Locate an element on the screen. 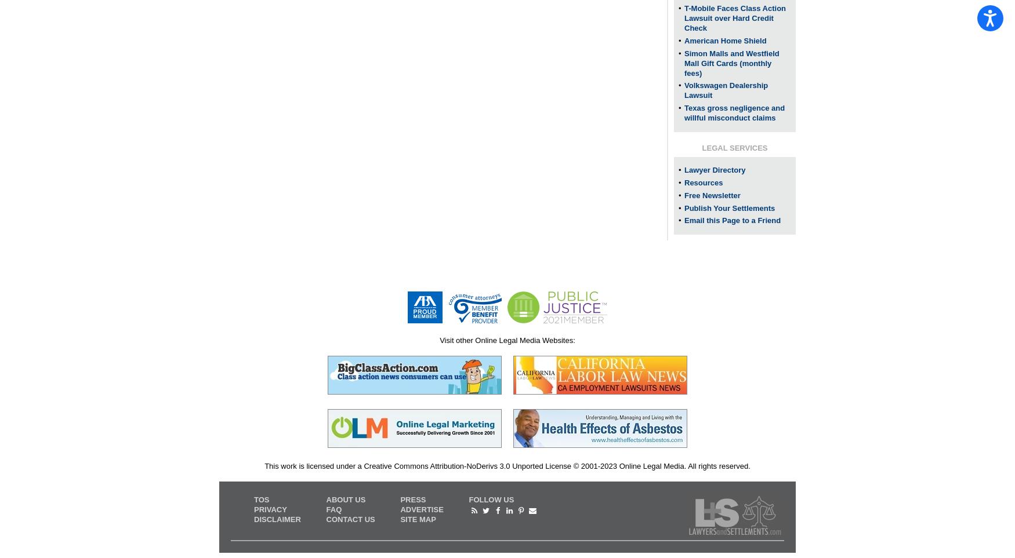 The image size is (1015, 558). 'TOS' is located at coordinates (261, 499).